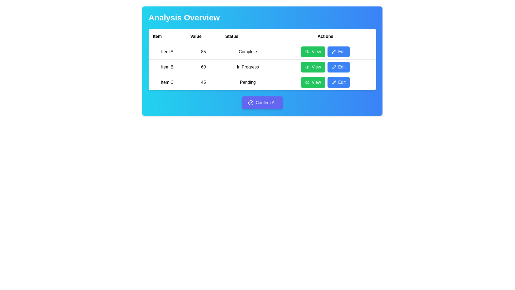 The width and height of the screenshot is (515, 290). Describe the element at coordinates (167, 67) in the screenshot. I see `the text element displaying the identifier or name of a specific item in the second row of the table under the 'Item' column` at that location.